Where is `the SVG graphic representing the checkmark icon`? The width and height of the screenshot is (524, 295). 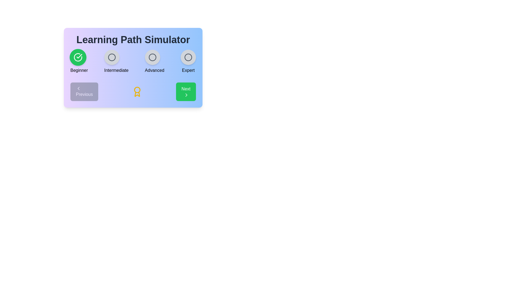
the SVG graphic representing the checkmark icon is located at coordinates (78, 57).